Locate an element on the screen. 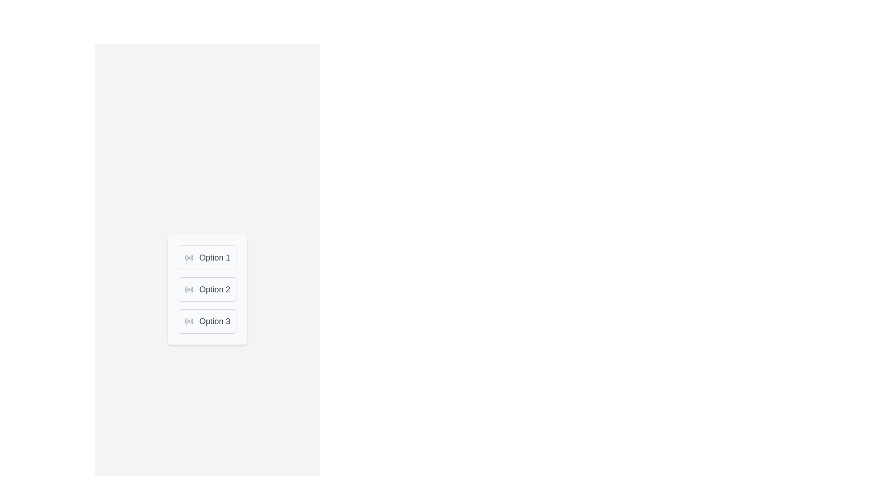  the circular radio button located to the left of the 'Option 3' label is located at coordinates (189, 321).